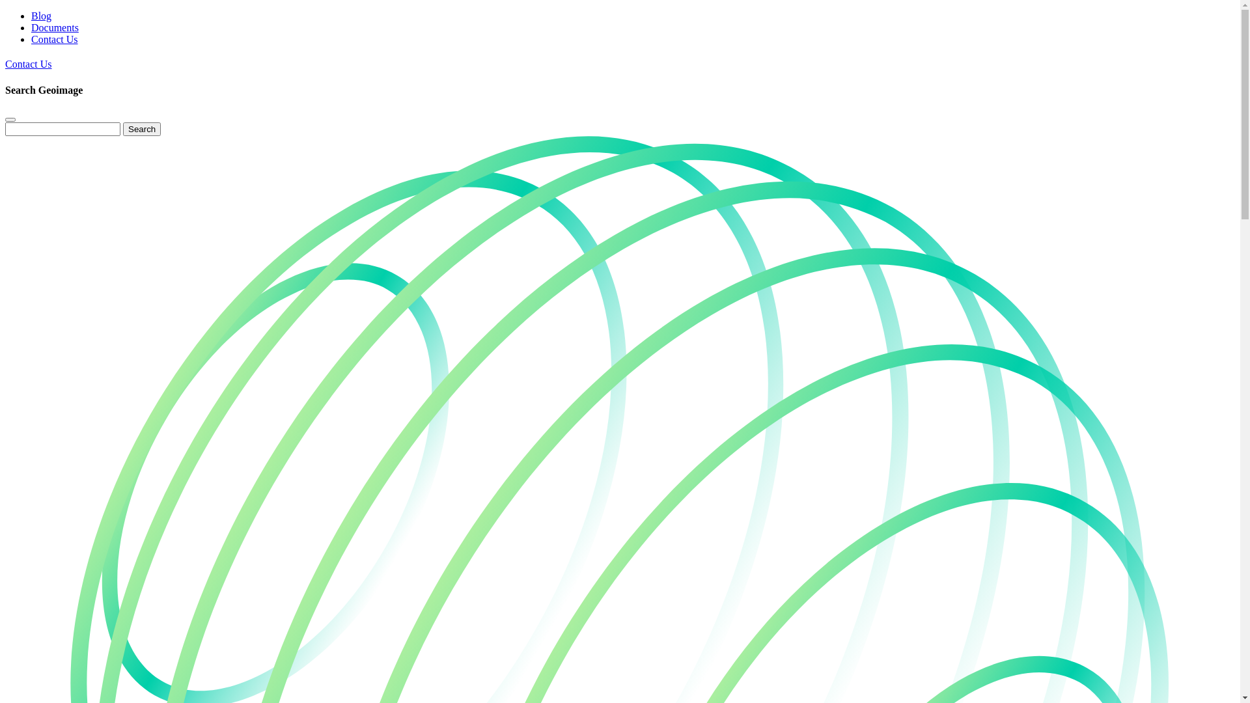  What do you see at coordinates (28, 64) in the screenshot?
I see `'Contact Us'` at bounding box center [28, 64].